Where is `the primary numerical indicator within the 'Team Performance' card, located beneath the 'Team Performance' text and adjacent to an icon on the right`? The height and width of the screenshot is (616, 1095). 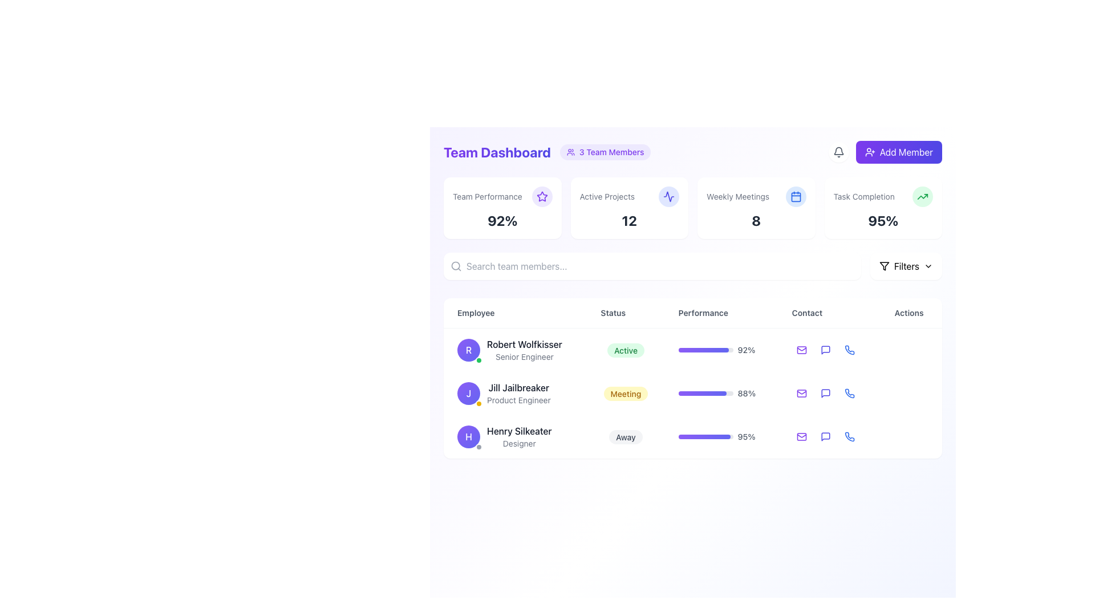
the primary numerical indicator within the 'Team Performance' card, located beneath the 'Team Performance' text and adjacent to an icon on the right is located at coordinates (502, 220).